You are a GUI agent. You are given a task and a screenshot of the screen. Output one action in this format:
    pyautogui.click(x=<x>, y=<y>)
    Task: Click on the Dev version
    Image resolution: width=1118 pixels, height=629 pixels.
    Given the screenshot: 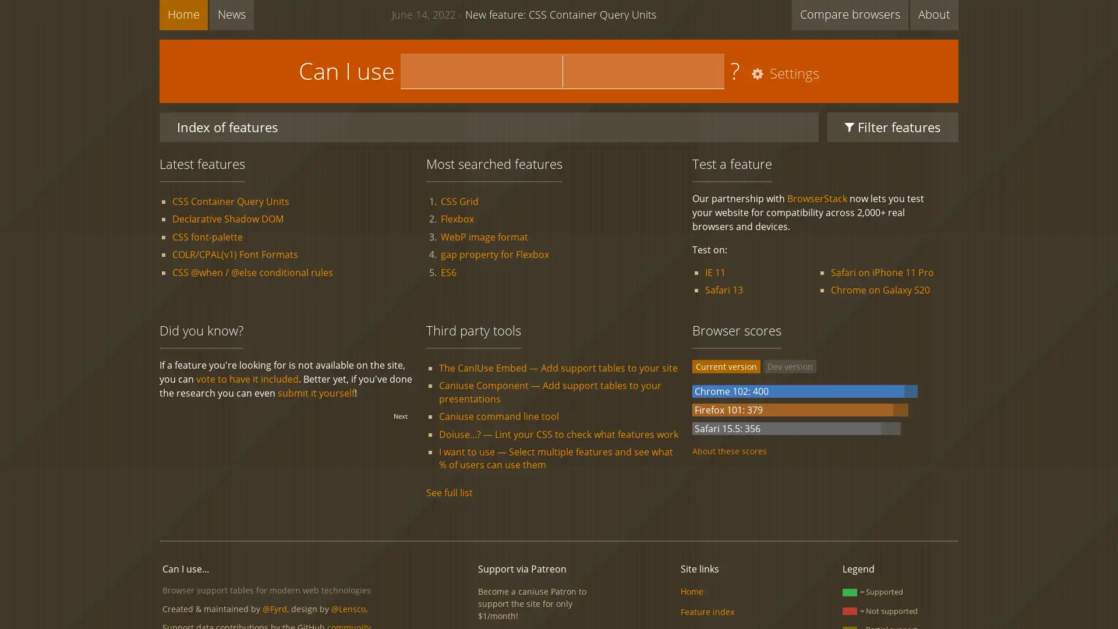 What is the action you would take?
    pyautogui.click(x=790, y=365)
    